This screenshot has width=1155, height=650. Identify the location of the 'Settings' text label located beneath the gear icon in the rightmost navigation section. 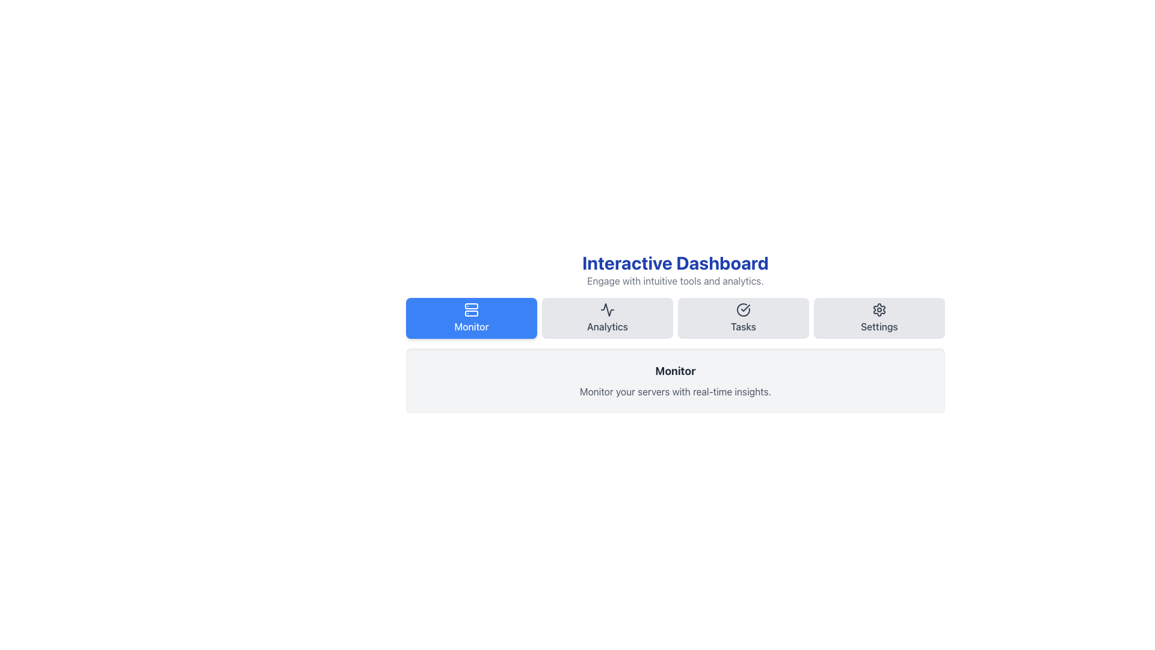
(879, 327).